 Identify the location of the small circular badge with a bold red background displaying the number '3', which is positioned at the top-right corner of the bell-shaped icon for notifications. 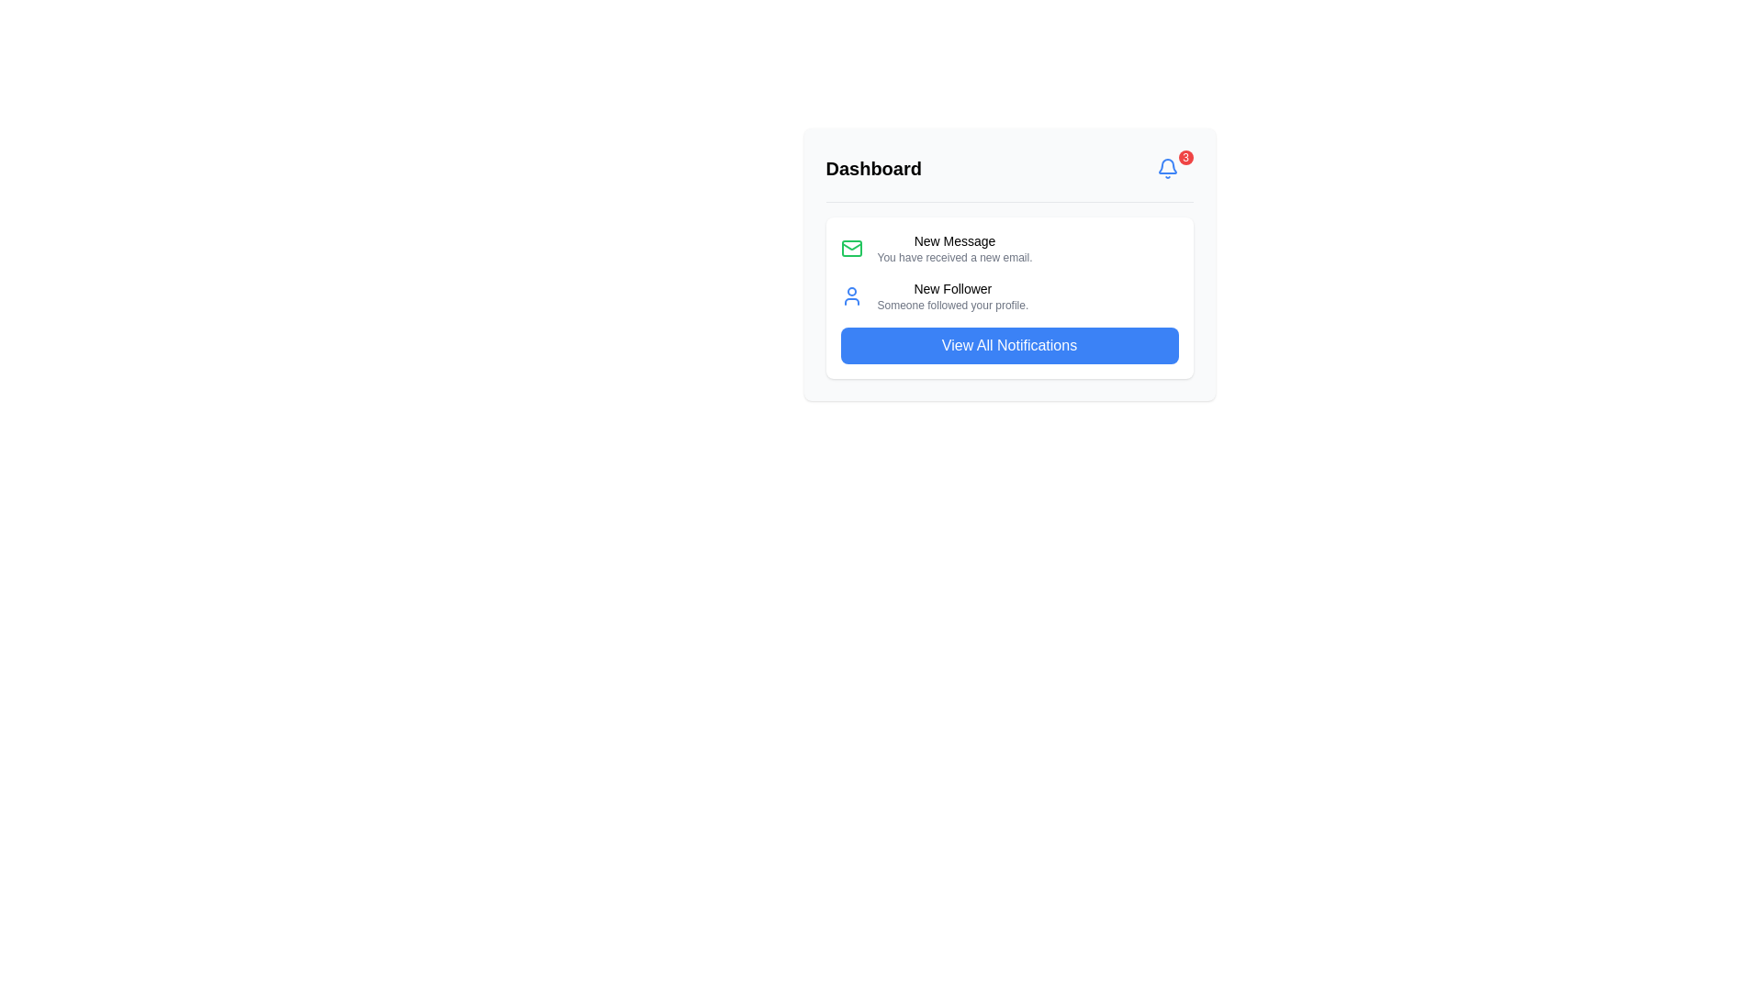
(1185, 157).